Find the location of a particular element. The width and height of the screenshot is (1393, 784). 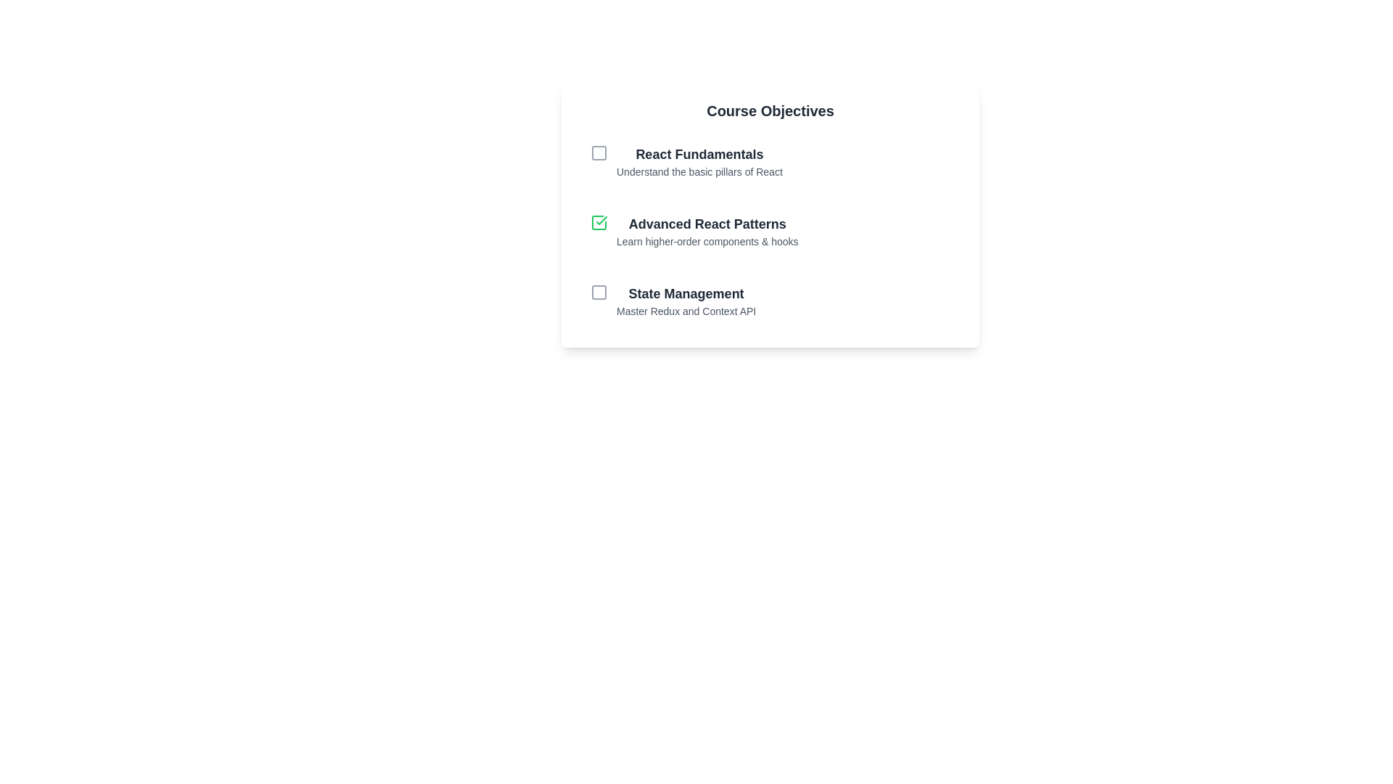

the checkbox for the item labeled State Management is located at coordinates (599, 292).